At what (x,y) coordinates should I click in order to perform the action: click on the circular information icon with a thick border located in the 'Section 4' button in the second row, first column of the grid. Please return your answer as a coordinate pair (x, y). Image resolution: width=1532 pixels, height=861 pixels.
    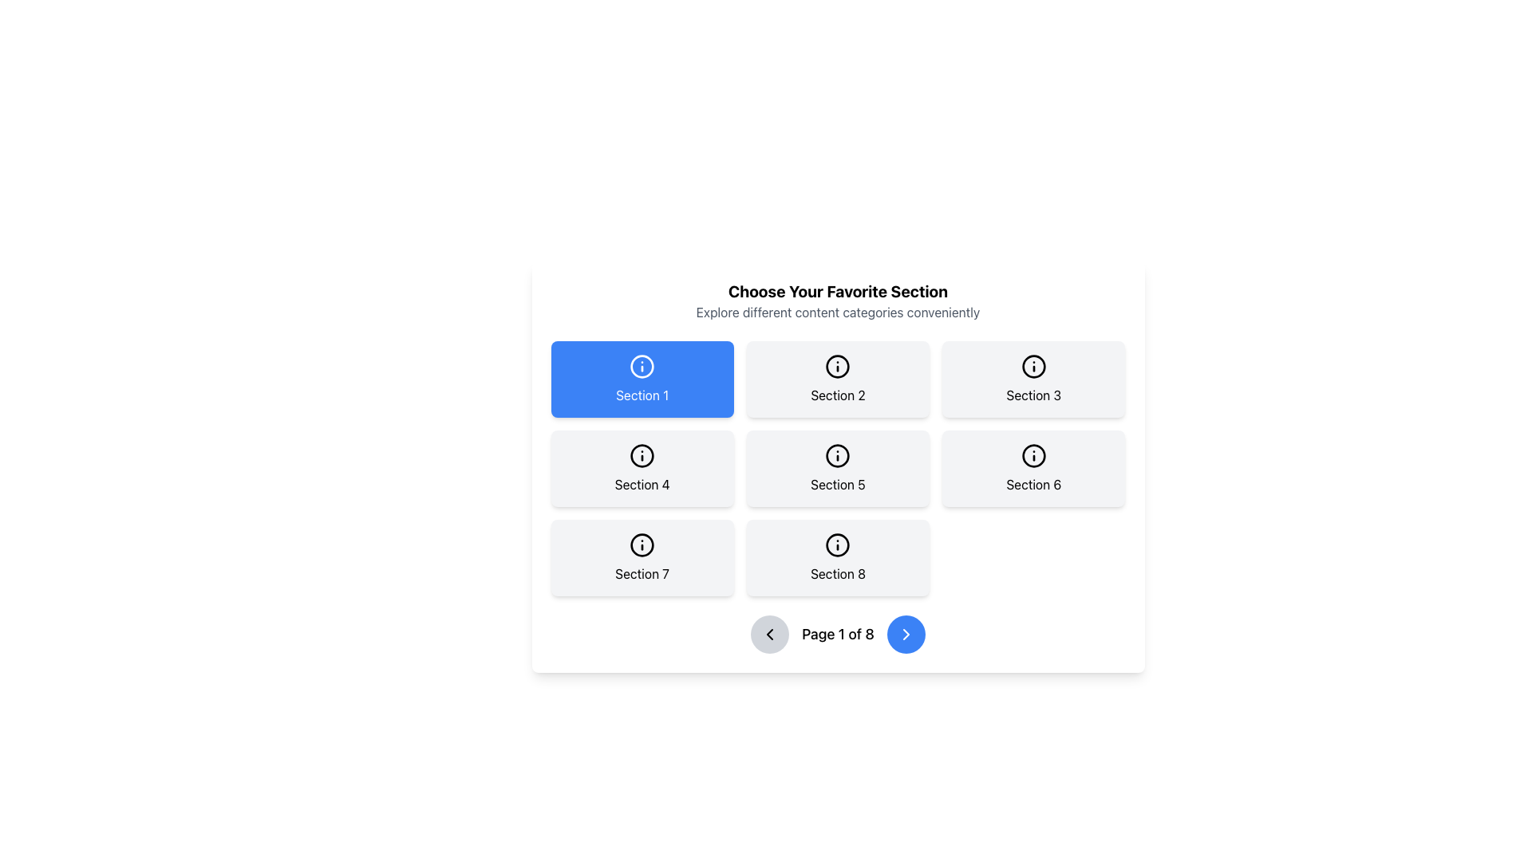
    Looking at the image, I should click on (642, 455).